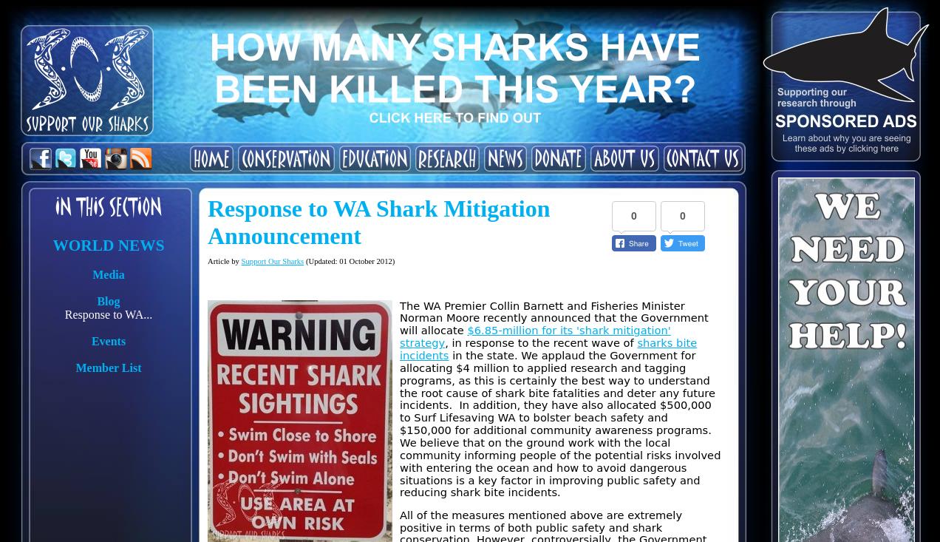 This screenshot has height=542, width=940. What do you see at coordinates (107, 340) in the screenshot?
I see `'Events'` at bounding box center [107, 340].